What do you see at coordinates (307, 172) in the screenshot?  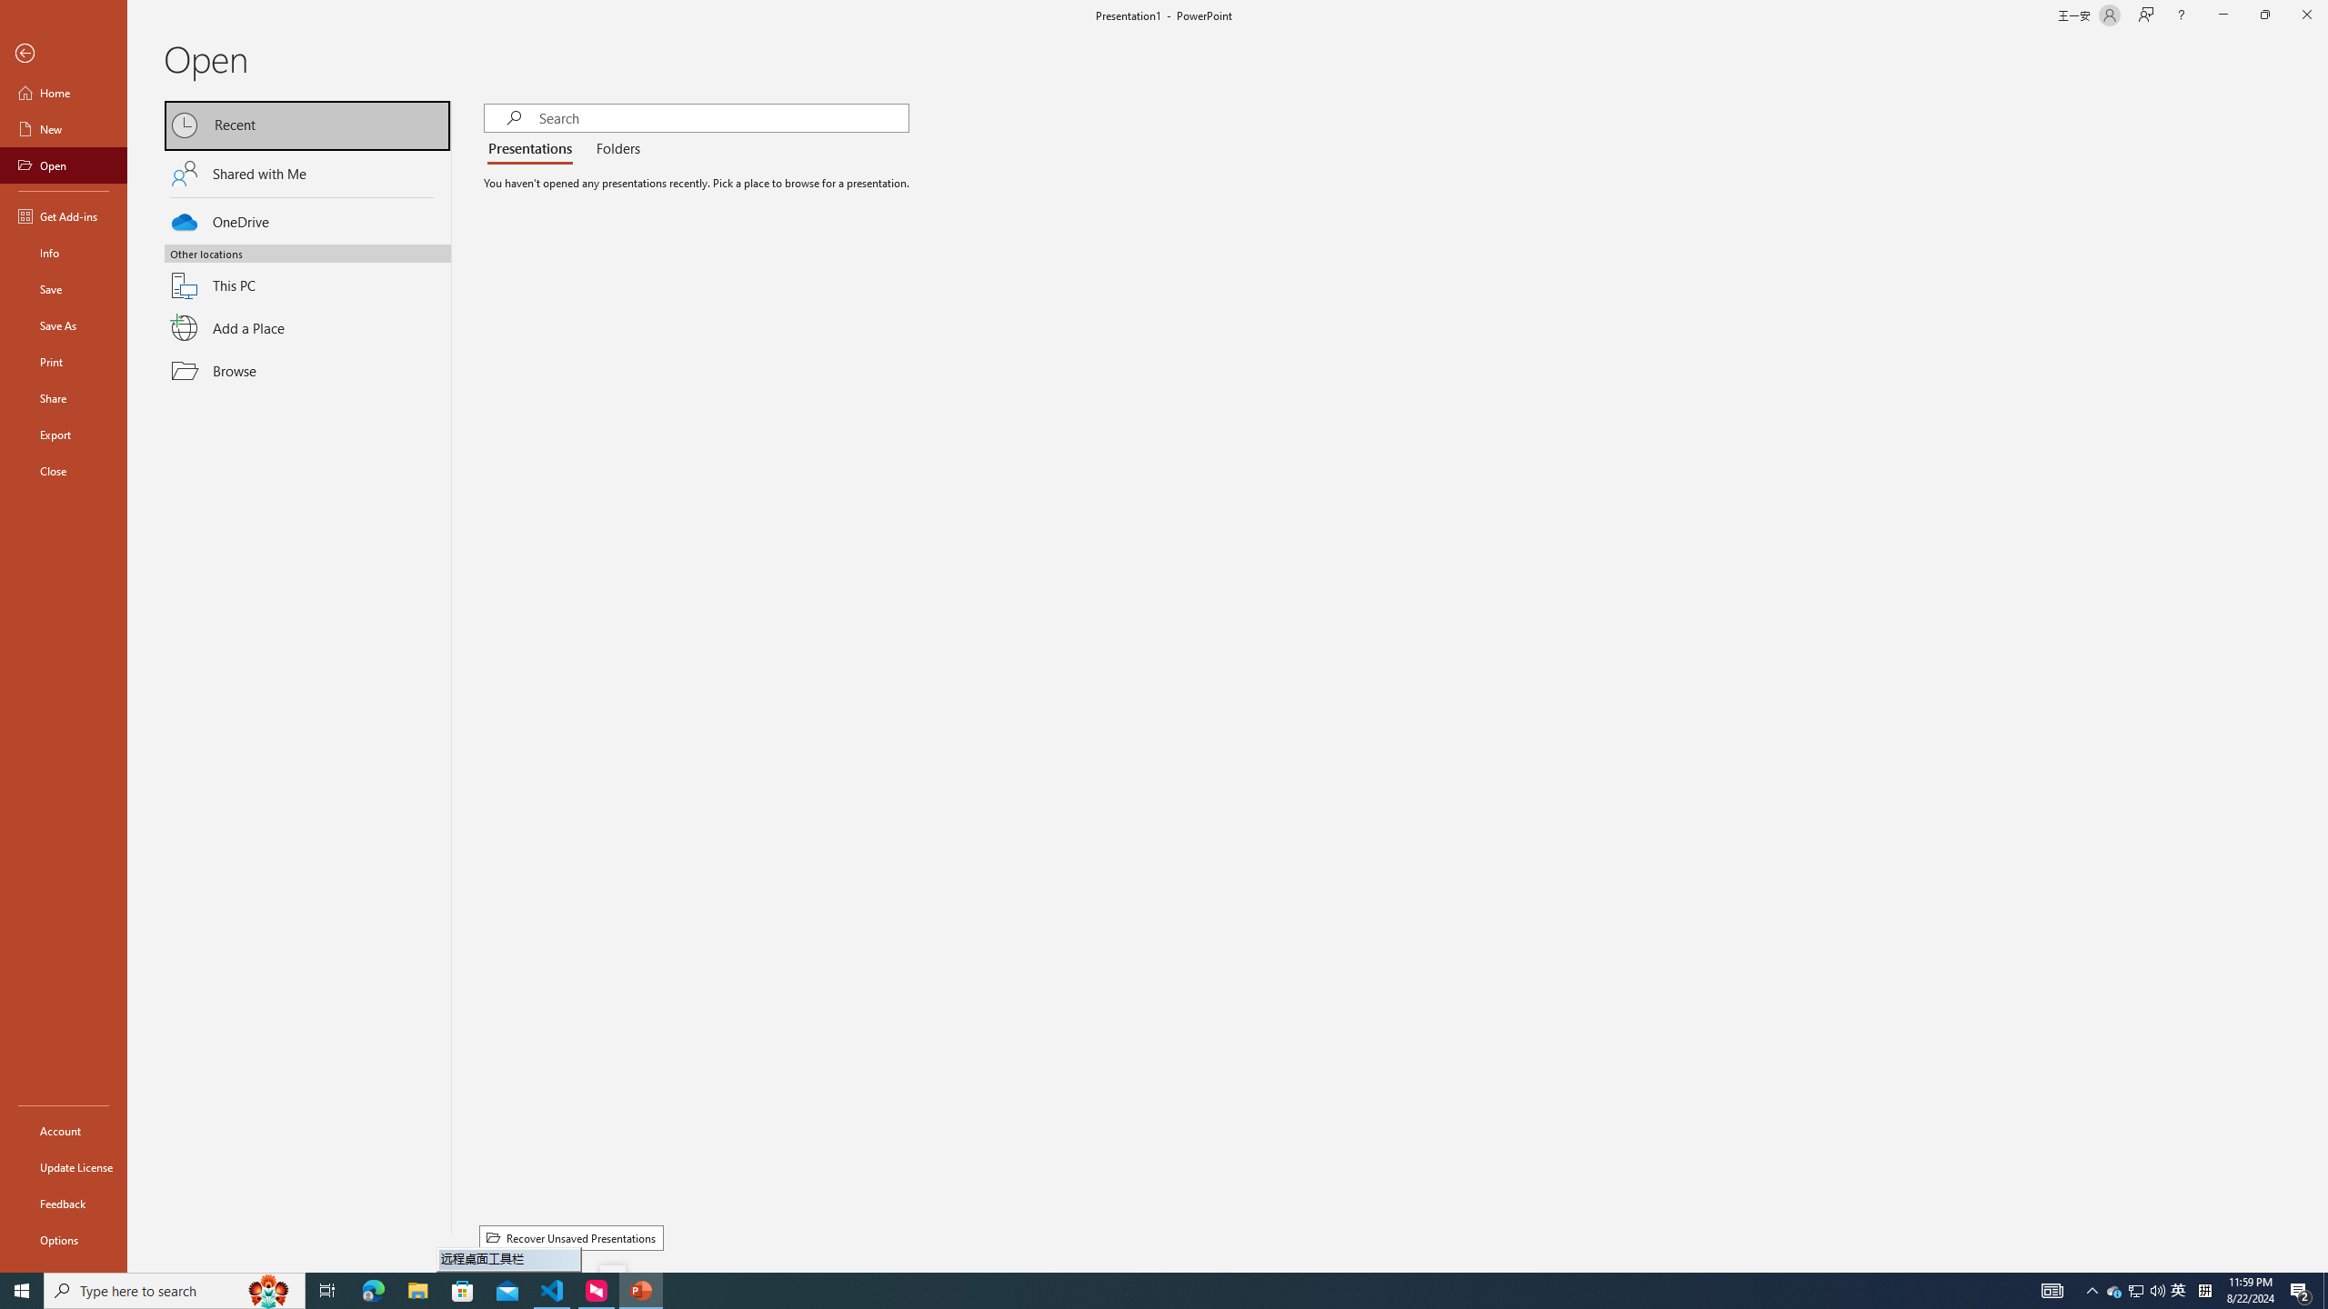 I see `'Shared with Me'` at bounding box center [307, 172].